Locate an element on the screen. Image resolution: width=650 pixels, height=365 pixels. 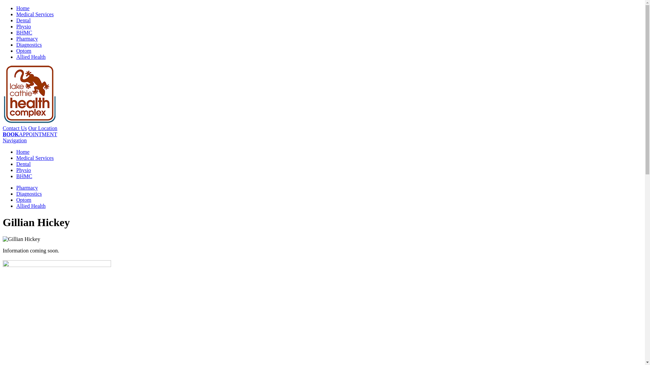
'Allied Health' is located at coordinates (30, 205).